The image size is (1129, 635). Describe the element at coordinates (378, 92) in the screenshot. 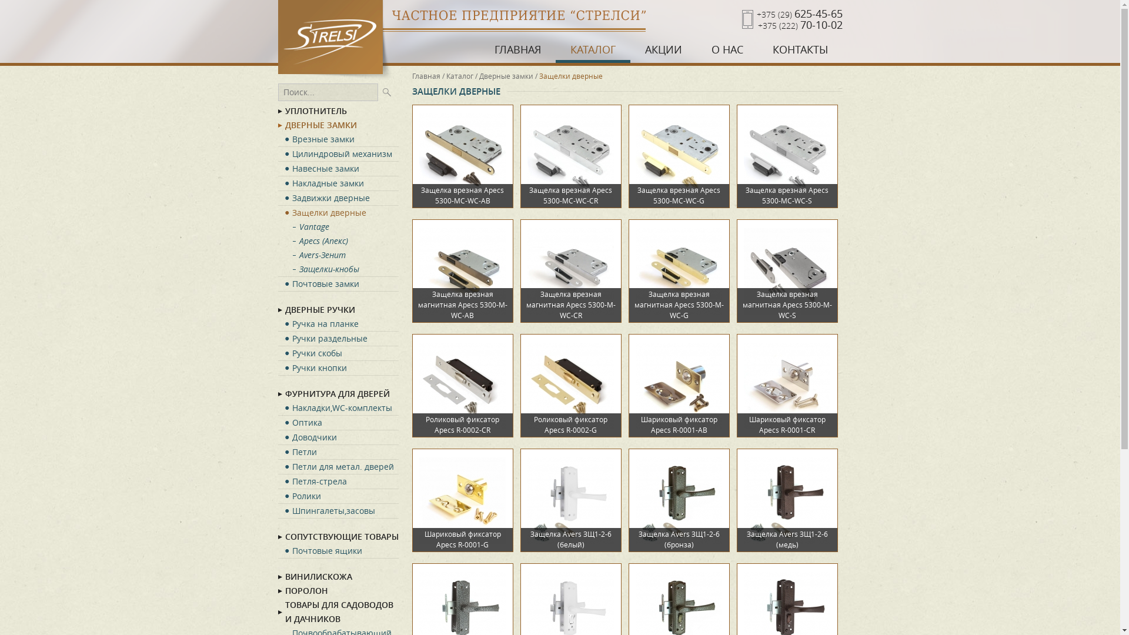

I see `'Ok'` at that location.